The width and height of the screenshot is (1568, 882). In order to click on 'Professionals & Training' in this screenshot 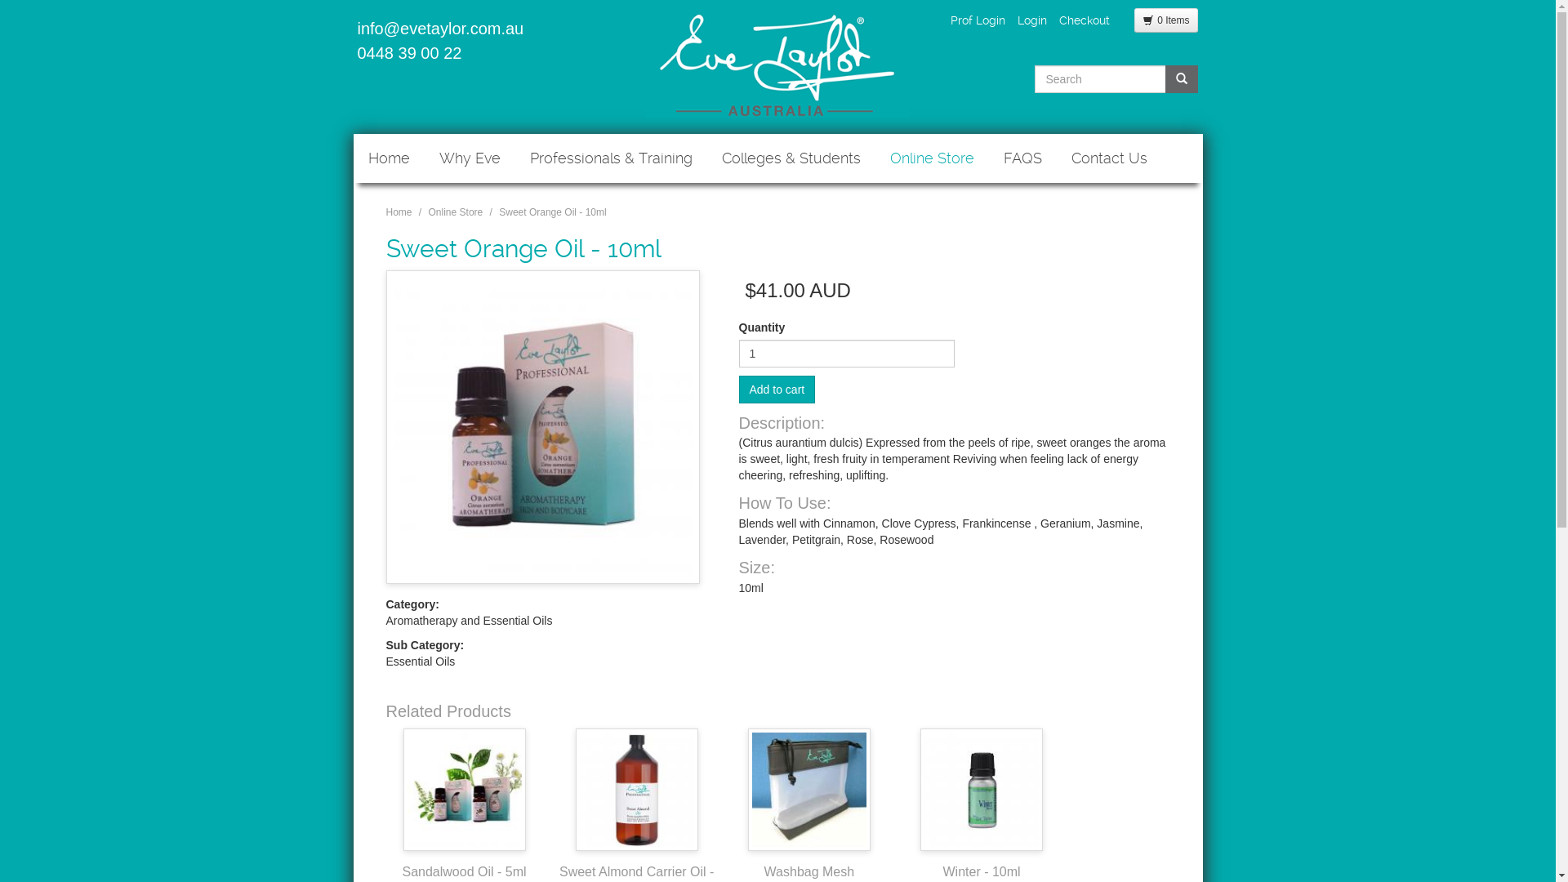, I will do `click(609, 158)`.